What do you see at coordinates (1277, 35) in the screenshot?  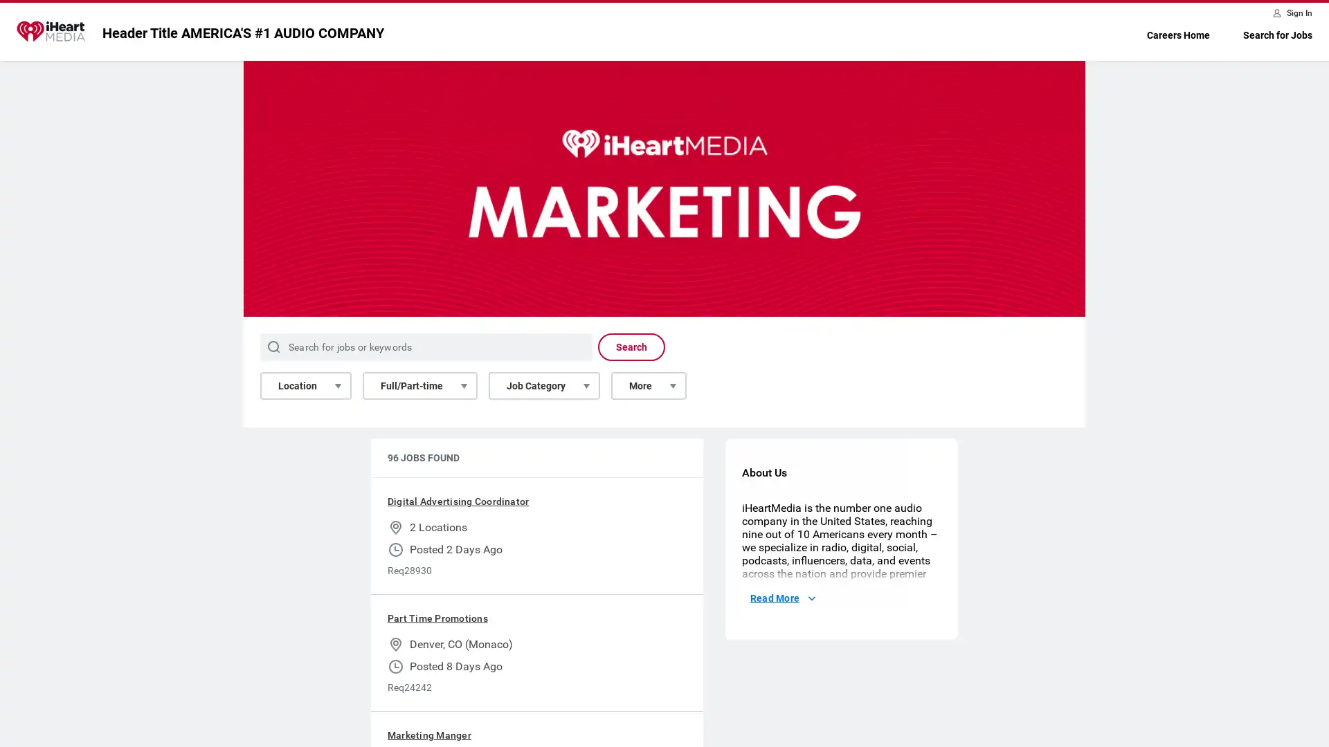 I see `Search for Jobs` at bounding box center [1277, 35].